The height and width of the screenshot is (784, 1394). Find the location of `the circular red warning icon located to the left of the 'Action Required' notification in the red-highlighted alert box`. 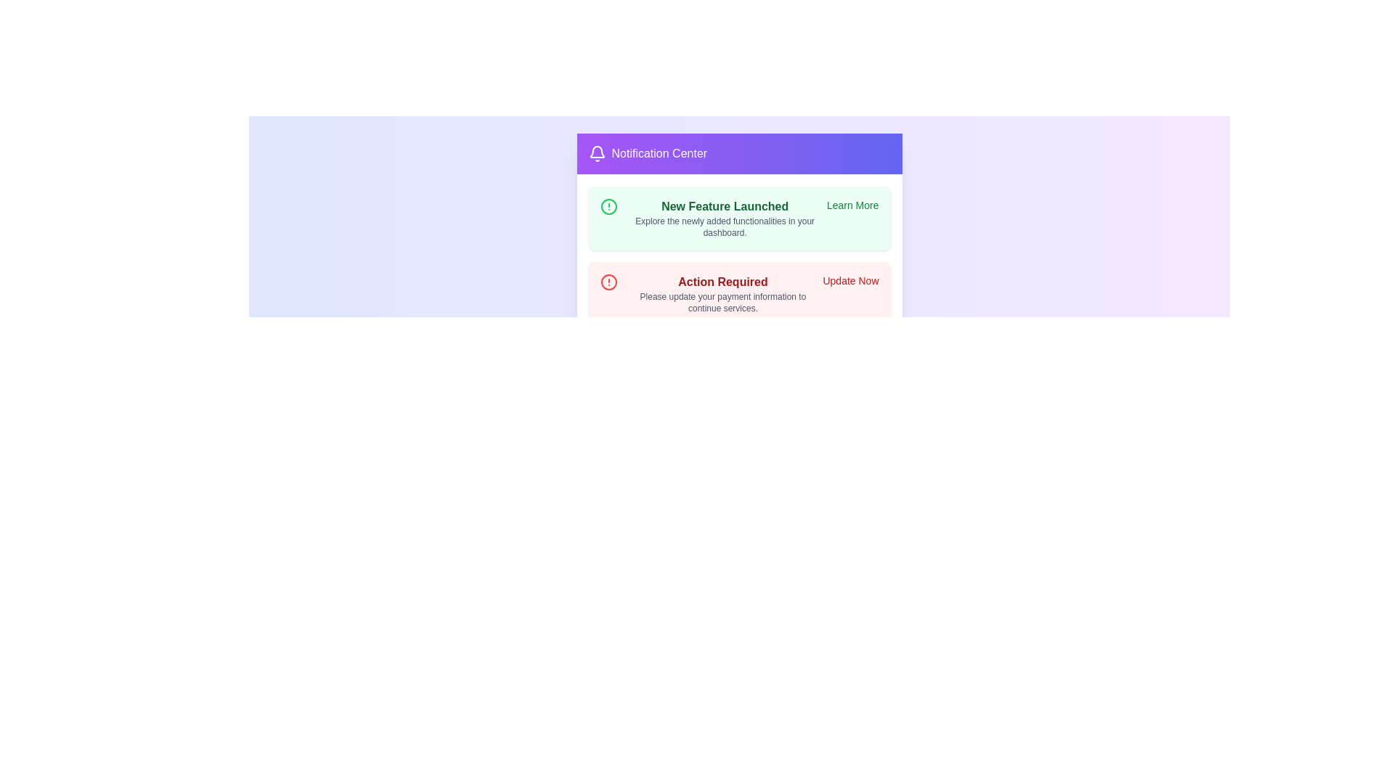

the circular red warning icon located to the left of the 'Action Required' notification in the red-highlighted alert box is located at coordinates (608, 282).